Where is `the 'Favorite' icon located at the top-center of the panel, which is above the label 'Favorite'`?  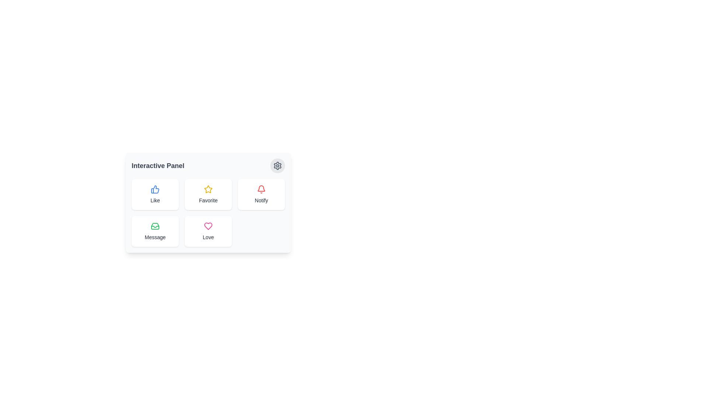 the 'Favorite' icon located at the top-center of the panel, which is above the label 'Favorite' is located at coordinates (208, 189).